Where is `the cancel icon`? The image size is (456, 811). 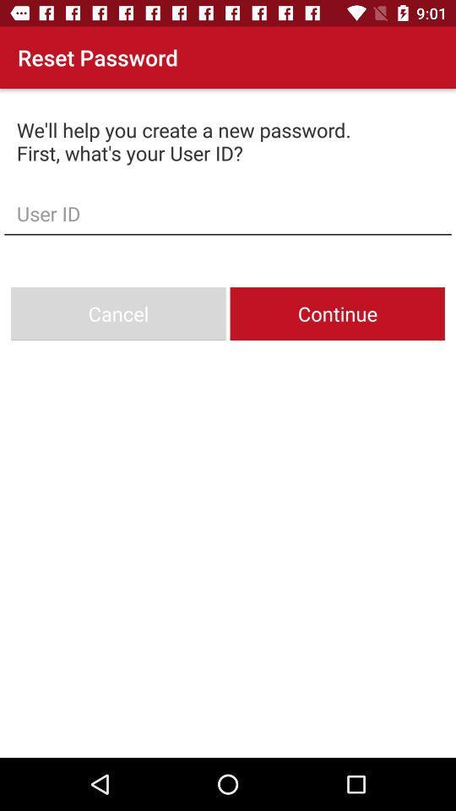 the cancel icon is located at coordinates (117, 313).